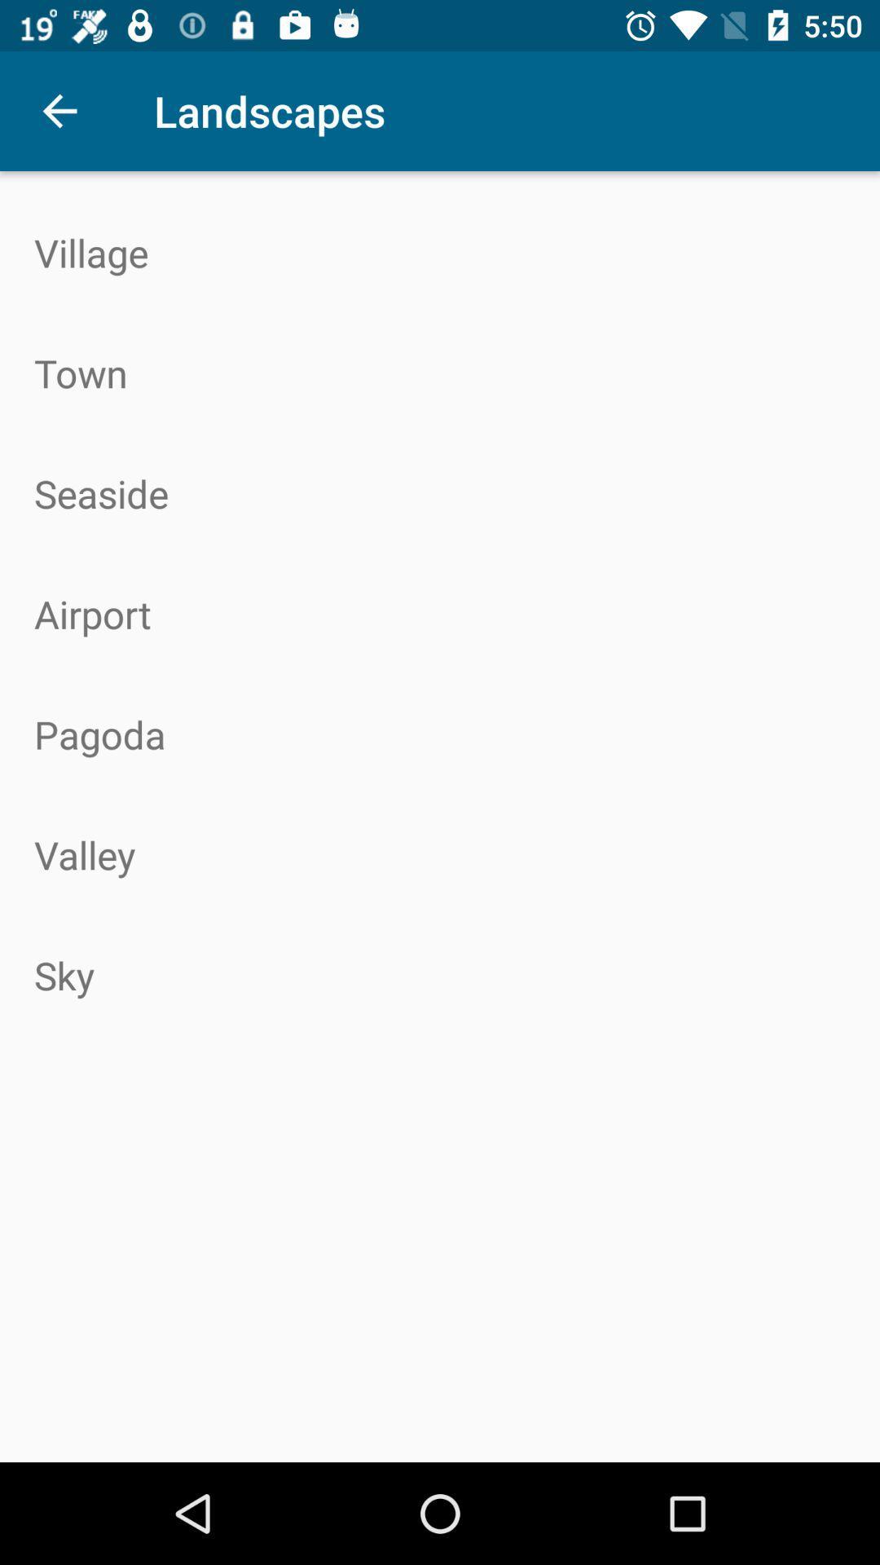  Describe the element at coordinates (59, 110) in the screenshot. I see `icon above village icon` at that location.